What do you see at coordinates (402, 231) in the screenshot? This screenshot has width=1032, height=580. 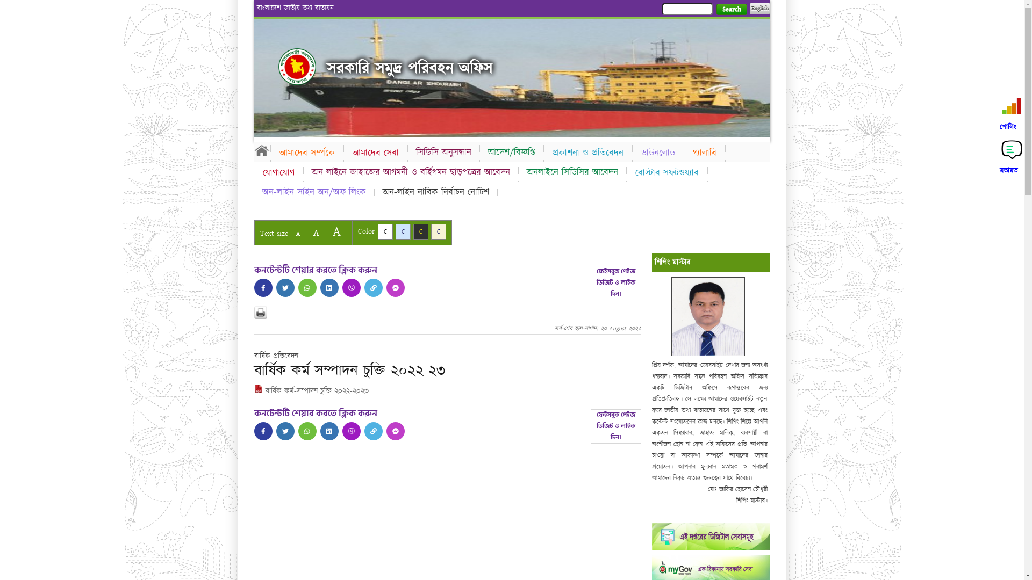 I see `'C'` at bounding box center [402, 231].